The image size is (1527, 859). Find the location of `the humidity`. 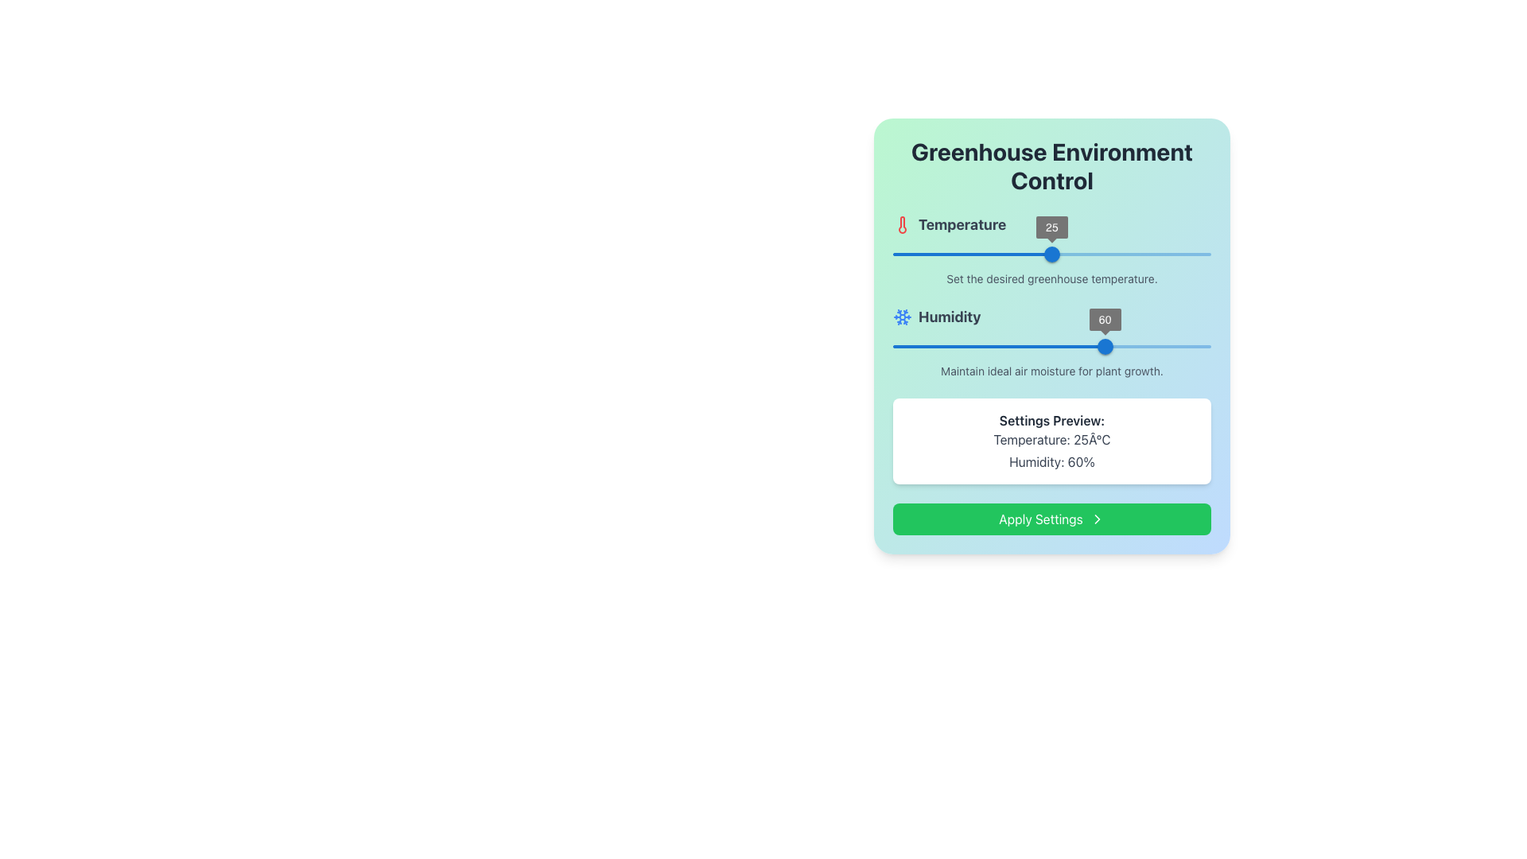

the humidity is located at coordinates (1169, 345).